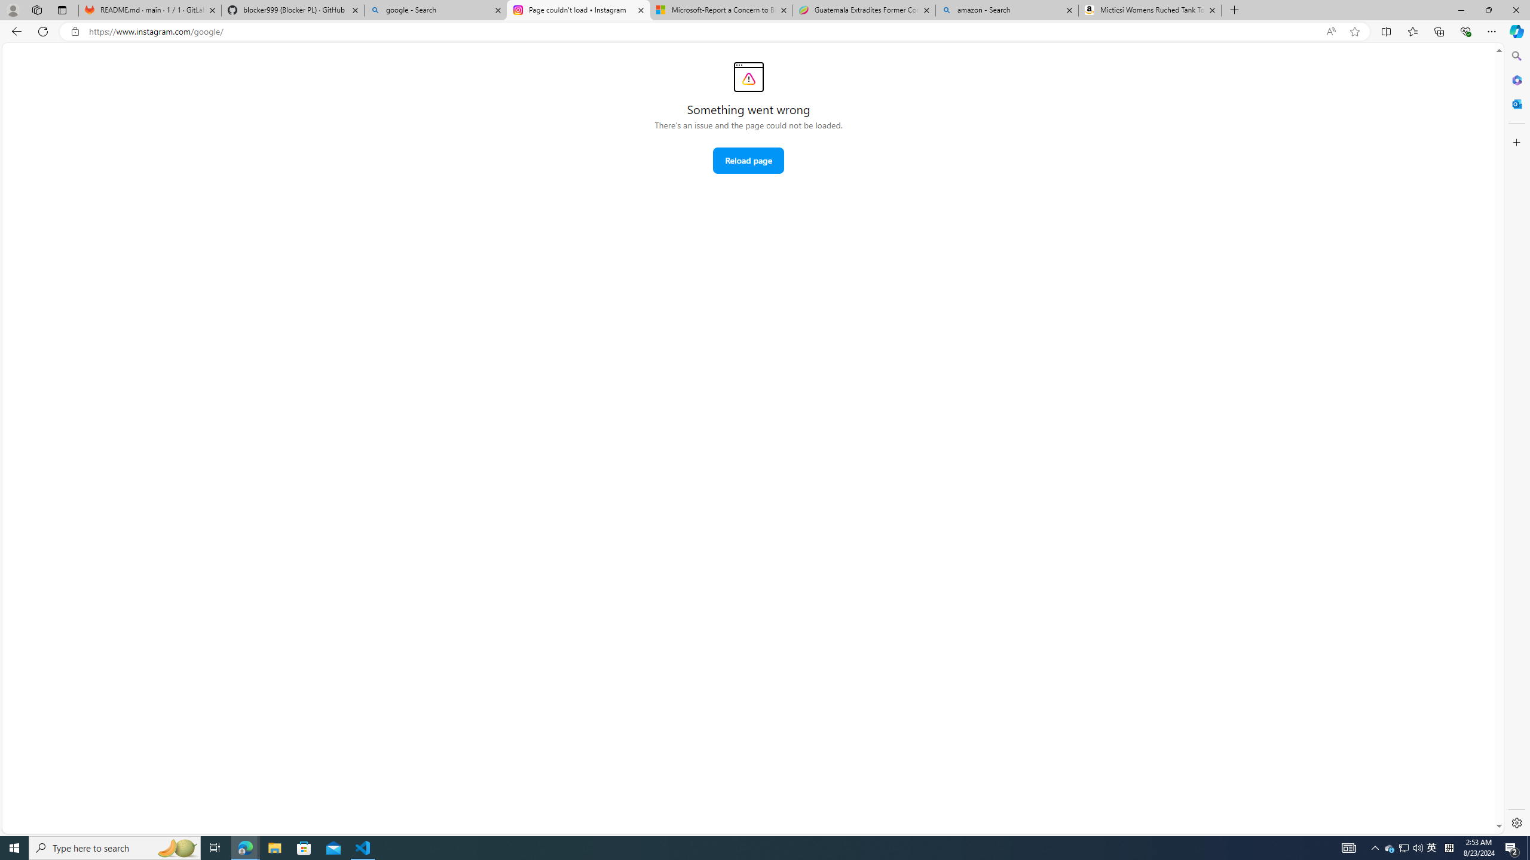 This screenshot has height=860, width=1530. What do you see at coordinates (1354, 32) in the screenshot?
I see `'Add this page to favorites (Ctrl+D)'` at bounding box center [1354, 32].